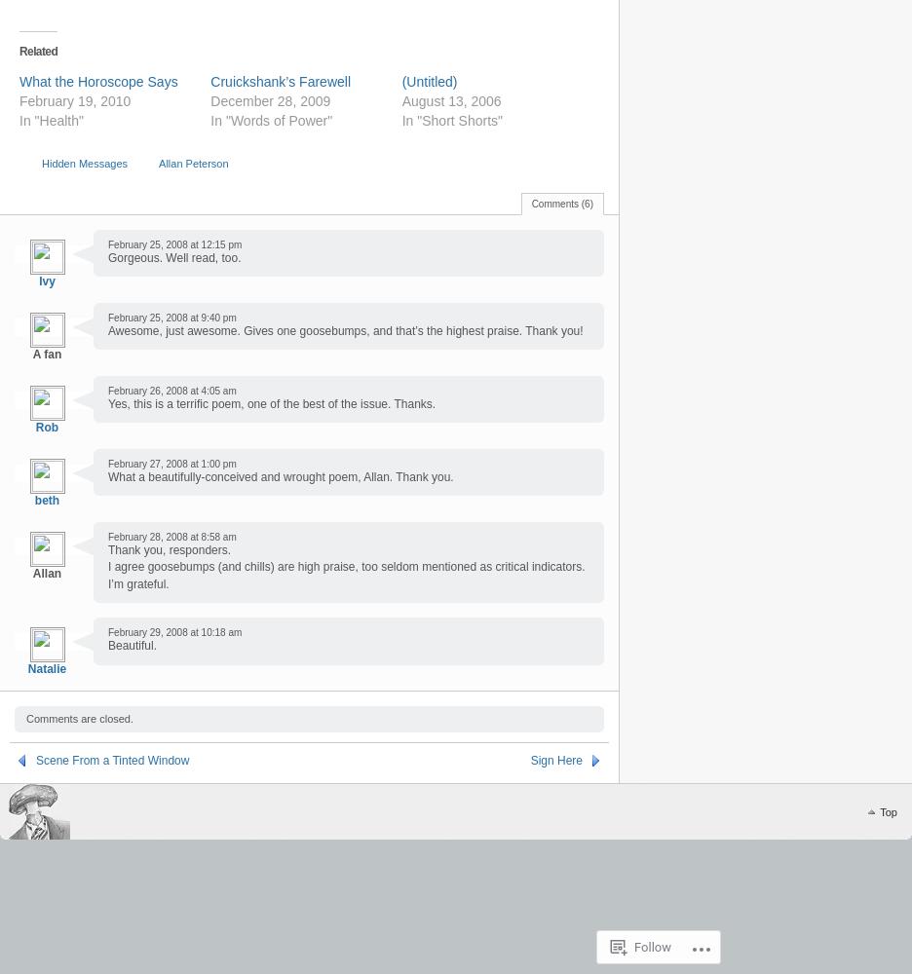 The width and height of the screenshot is (912, 974). What do you see at coordinates (37, 51) in the screenshot?
I see `'Related'` at bounding box center [37, 51].